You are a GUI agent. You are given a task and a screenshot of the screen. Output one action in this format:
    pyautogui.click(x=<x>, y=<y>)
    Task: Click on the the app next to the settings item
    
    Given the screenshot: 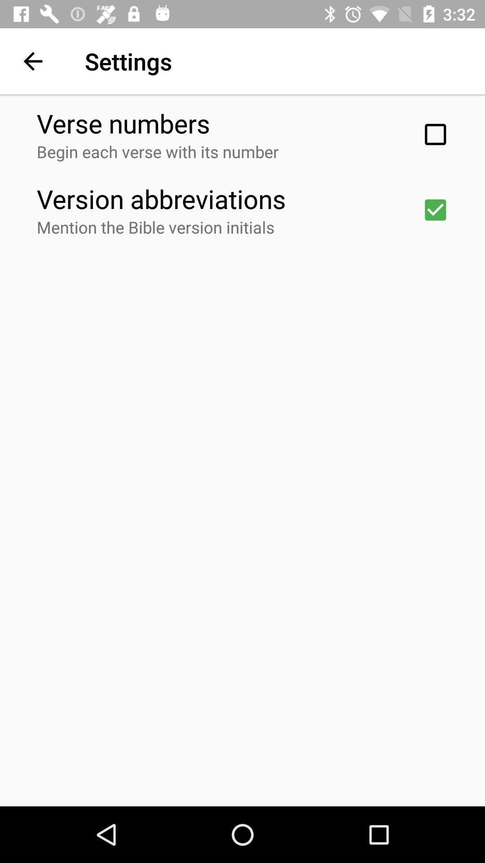 What is the action you would take?
    pyautogui.click(x=32, y=61)
    